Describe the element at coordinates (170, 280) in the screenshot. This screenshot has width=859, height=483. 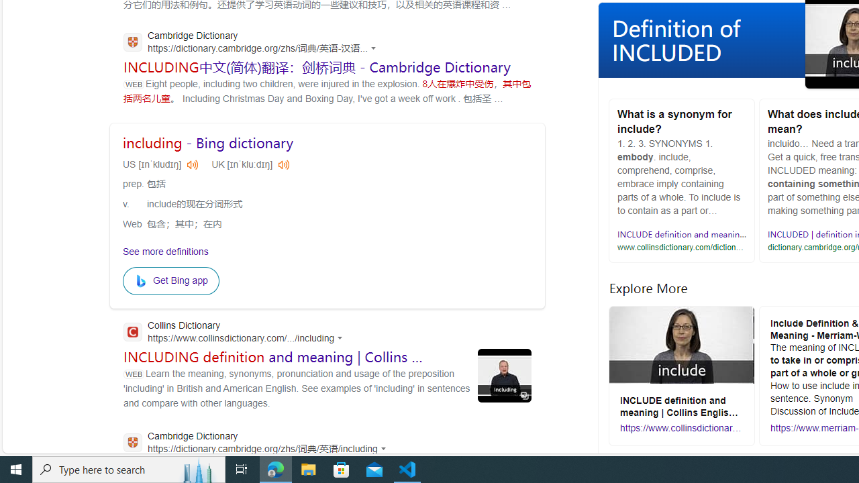
I see `'Get Bing app'` at that location.